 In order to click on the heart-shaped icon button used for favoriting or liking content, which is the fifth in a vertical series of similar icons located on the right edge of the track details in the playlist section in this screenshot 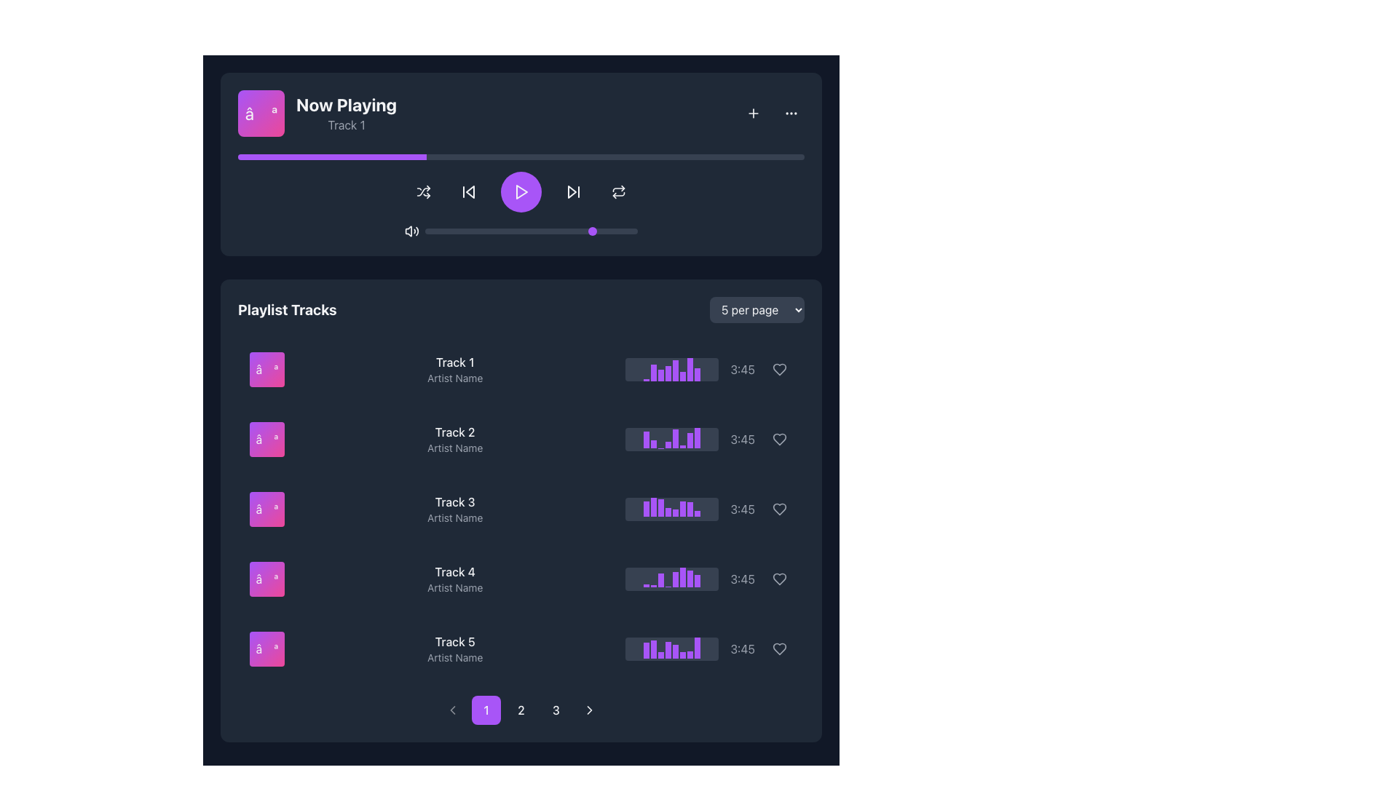, I will do `click(778, 508)`.